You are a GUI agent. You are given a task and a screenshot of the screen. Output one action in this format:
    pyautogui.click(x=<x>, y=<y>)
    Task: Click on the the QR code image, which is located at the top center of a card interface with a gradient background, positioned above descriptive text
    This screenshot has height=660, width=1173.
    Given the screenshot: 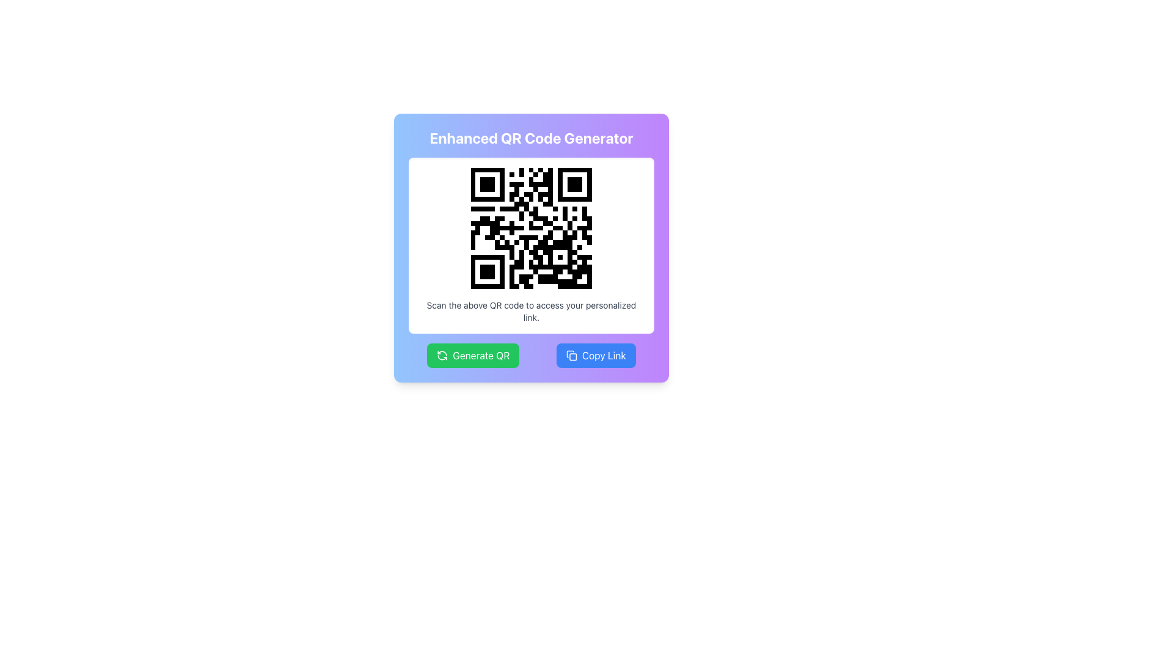 What is the action you would take?
    pyautogui.click(x=531, y=229)
    